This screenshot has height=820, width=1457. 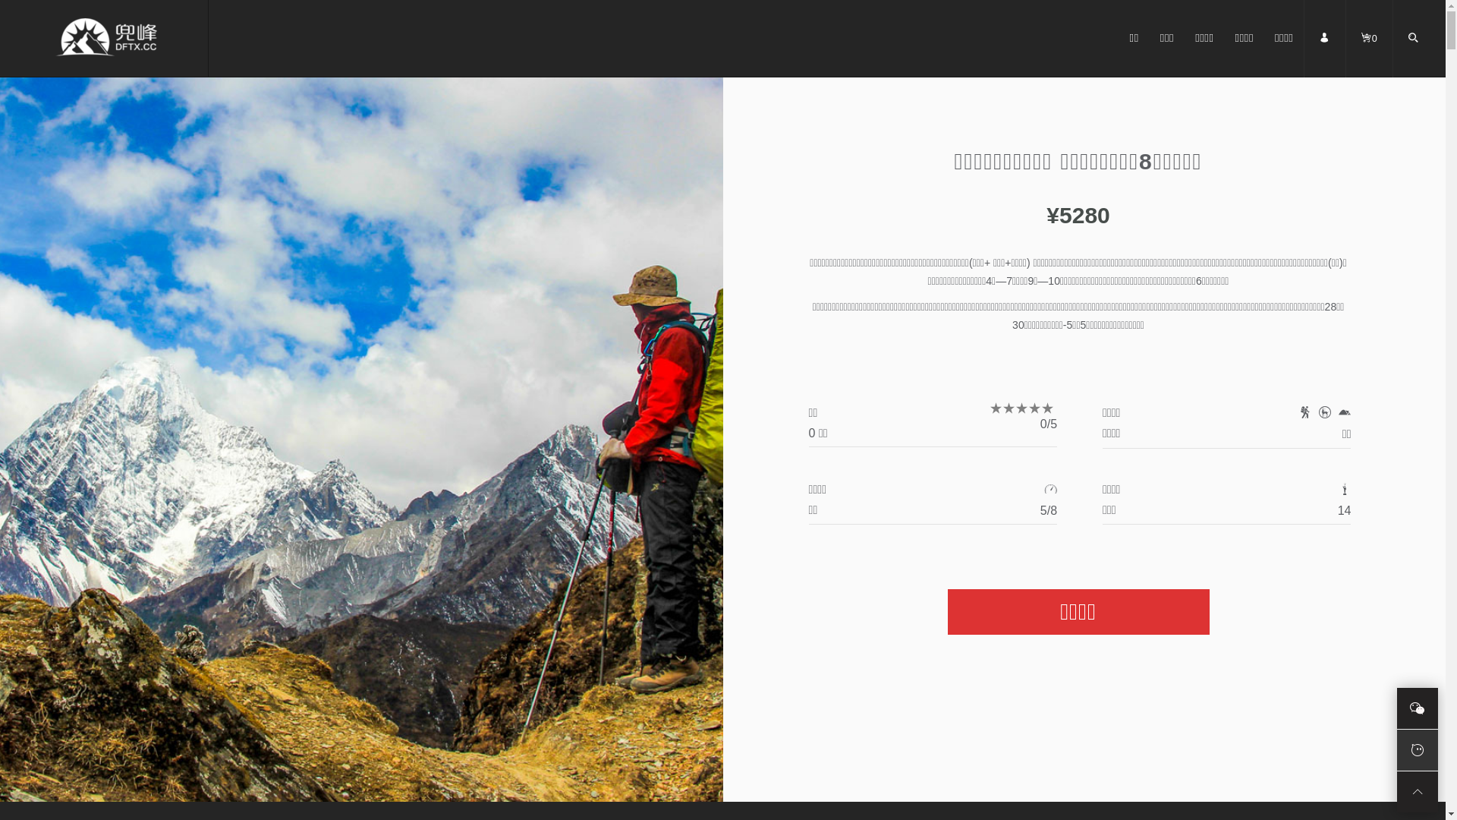 What do you see at coordinates (1369, 52) in the screenshot?
I see `'0'` at bounding box center [1369, 52].